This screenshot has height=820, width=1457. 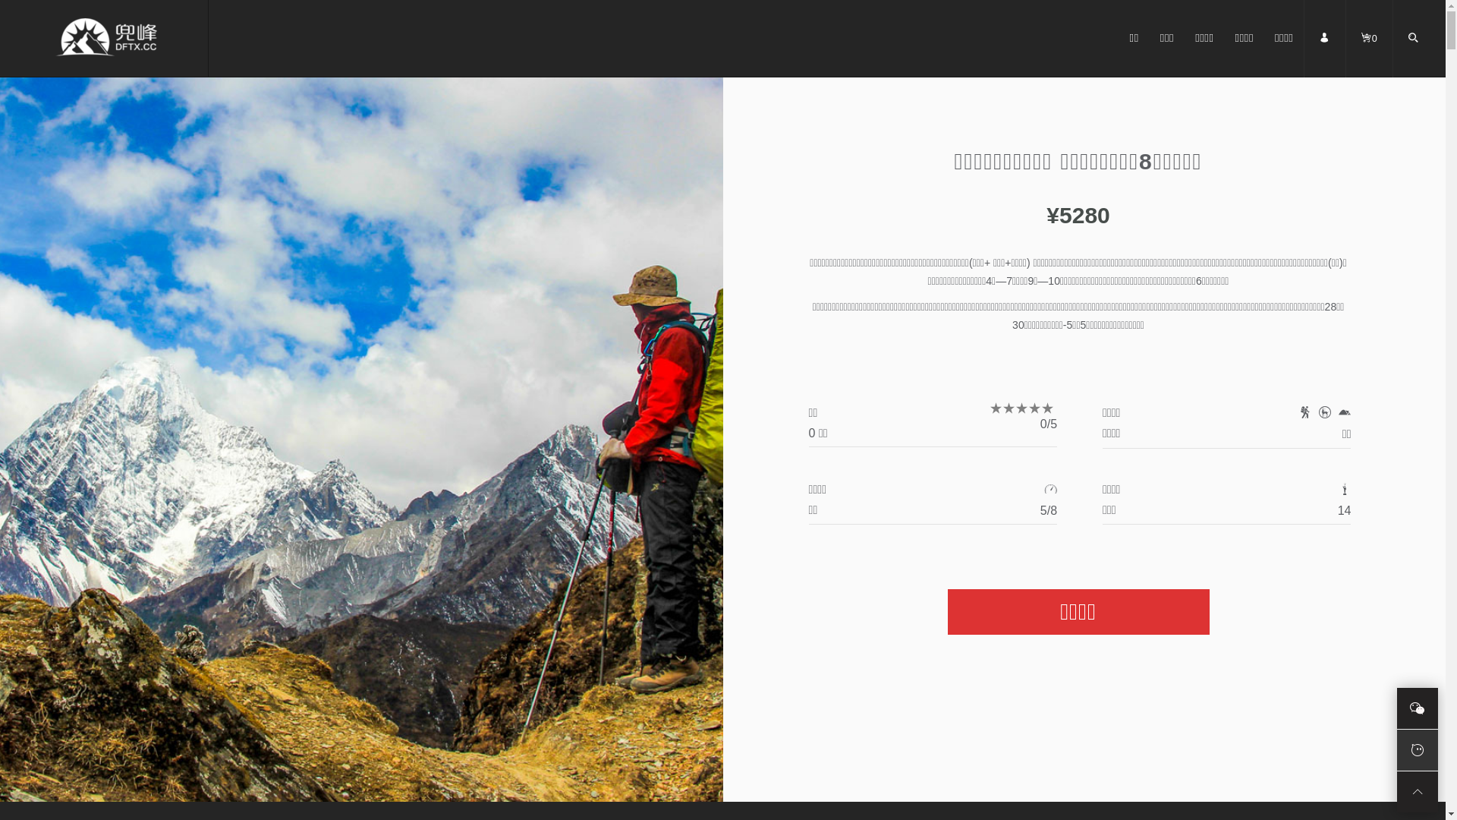 What do you see at coordinates (1369, 52) in the screenshot?
I see `'0'` at bounding box center [1369, 52].